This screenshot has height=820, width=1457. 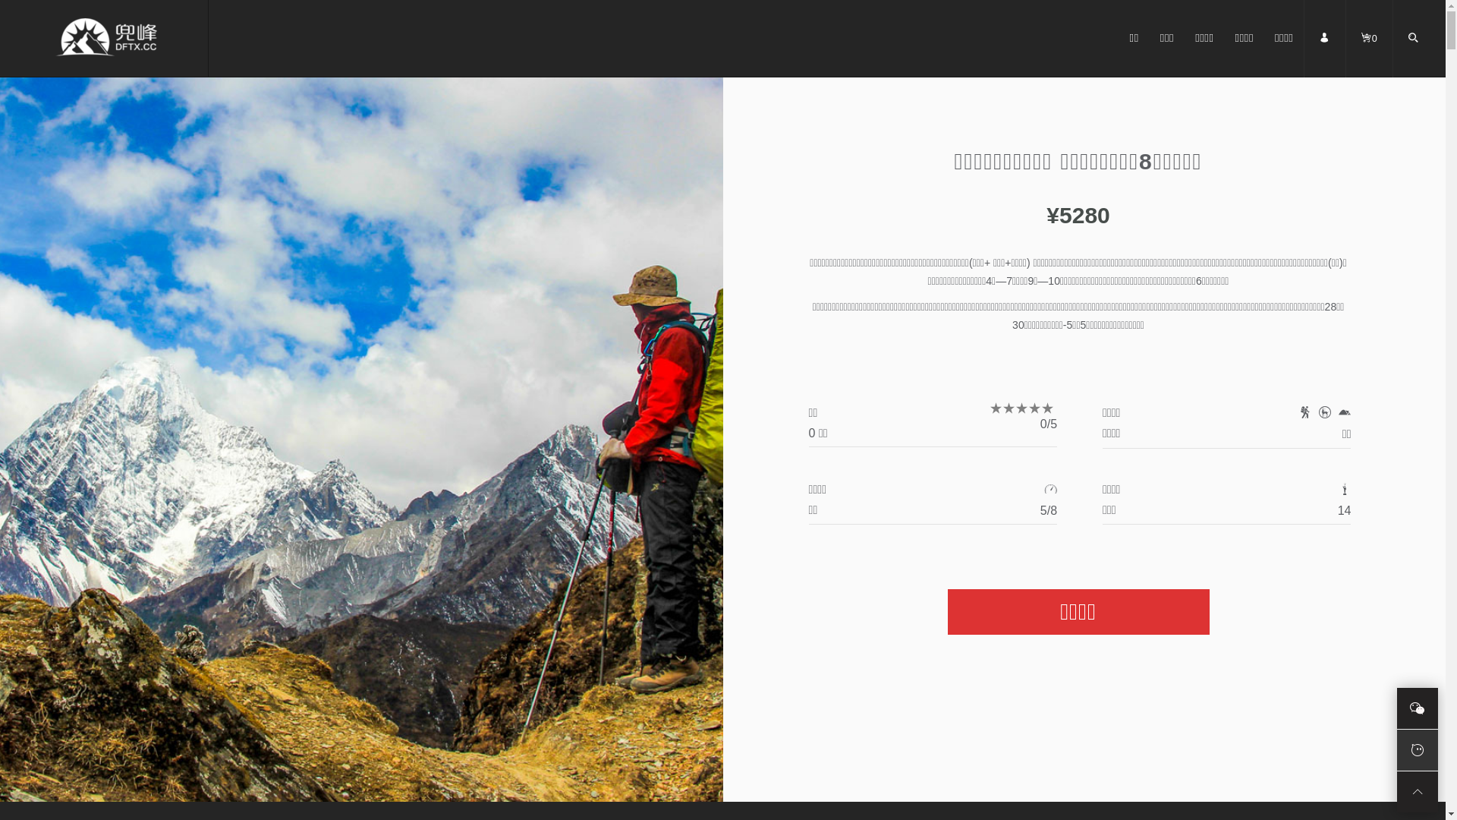 What do you see at coordinates (1369, 52) in the screenshot?
I see `'0'` at bounding box center [1369, 52].